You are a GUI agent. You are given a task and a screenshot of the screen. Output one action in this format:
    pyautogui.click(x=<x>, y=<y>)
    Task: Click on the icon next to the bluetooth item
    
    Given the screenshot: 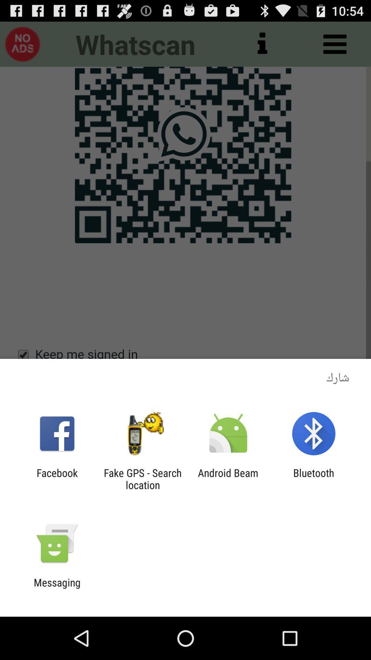 What is the action you would take?
    pyautogui.click(x=228, y=478)
    